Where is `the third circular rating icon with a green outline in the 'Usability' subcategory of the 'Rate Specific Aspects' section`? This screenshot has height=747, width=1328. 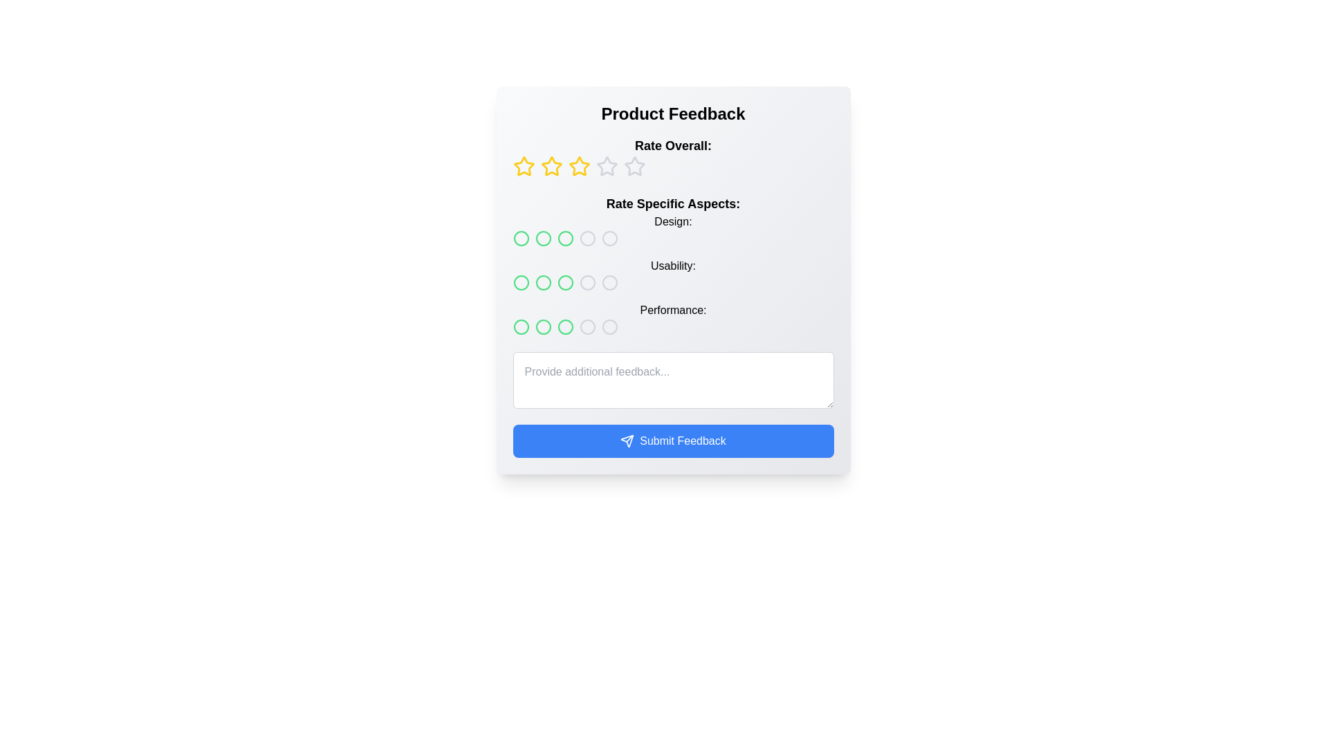 the third circular rating icon with a green outline in the 'Usability' subcategory of the 'Rate Specific Aspects' section is located at coordinates (565, 282).